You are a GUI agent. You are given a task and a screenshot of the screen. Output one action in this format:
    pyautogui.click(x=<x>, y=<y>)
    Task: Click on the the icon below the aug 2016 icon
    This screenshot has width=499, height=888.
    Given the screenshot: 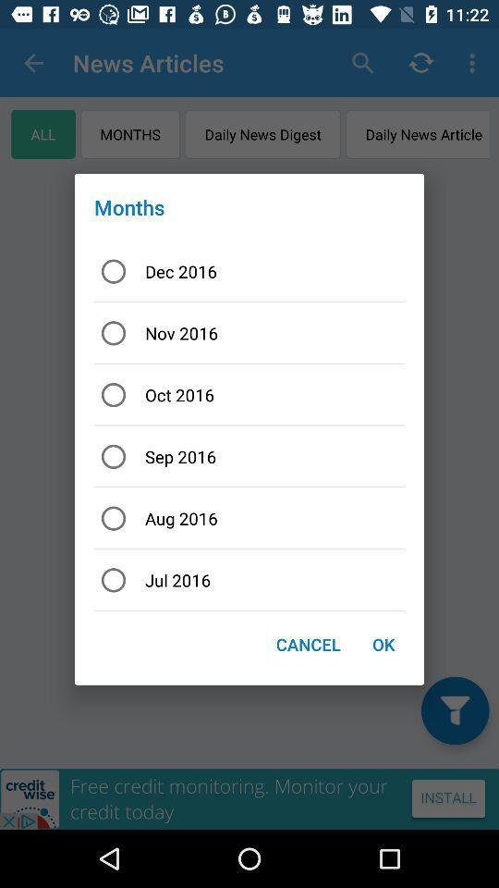 What is the action you would take?
    pyautogui.click(x=249, y=579)
    